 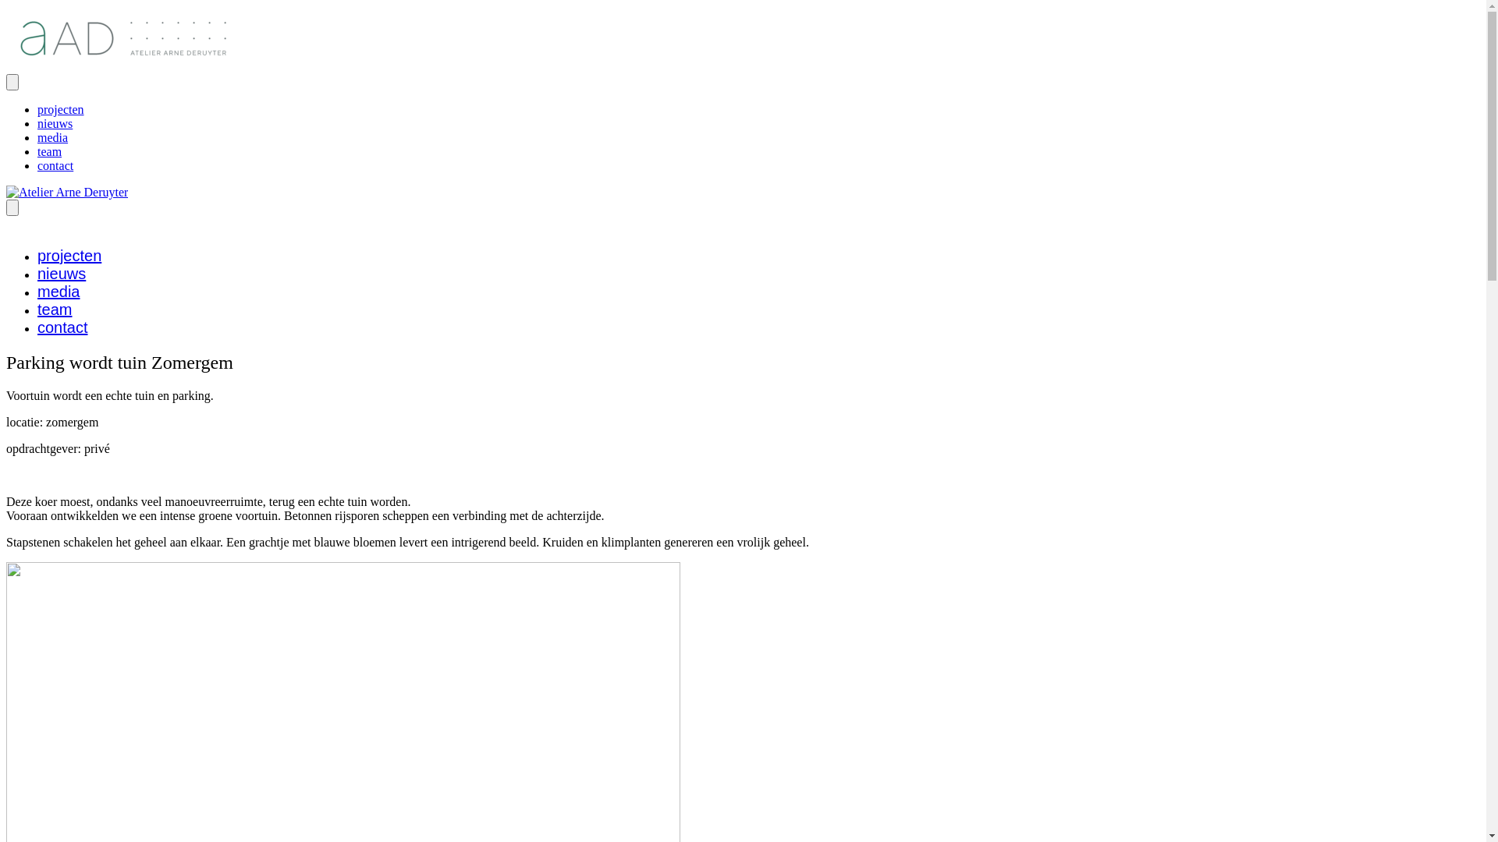 What do you see at coordinates (55, 122) in the screenshot?
I see `'nieuws'` at bounding box center [55, 122].